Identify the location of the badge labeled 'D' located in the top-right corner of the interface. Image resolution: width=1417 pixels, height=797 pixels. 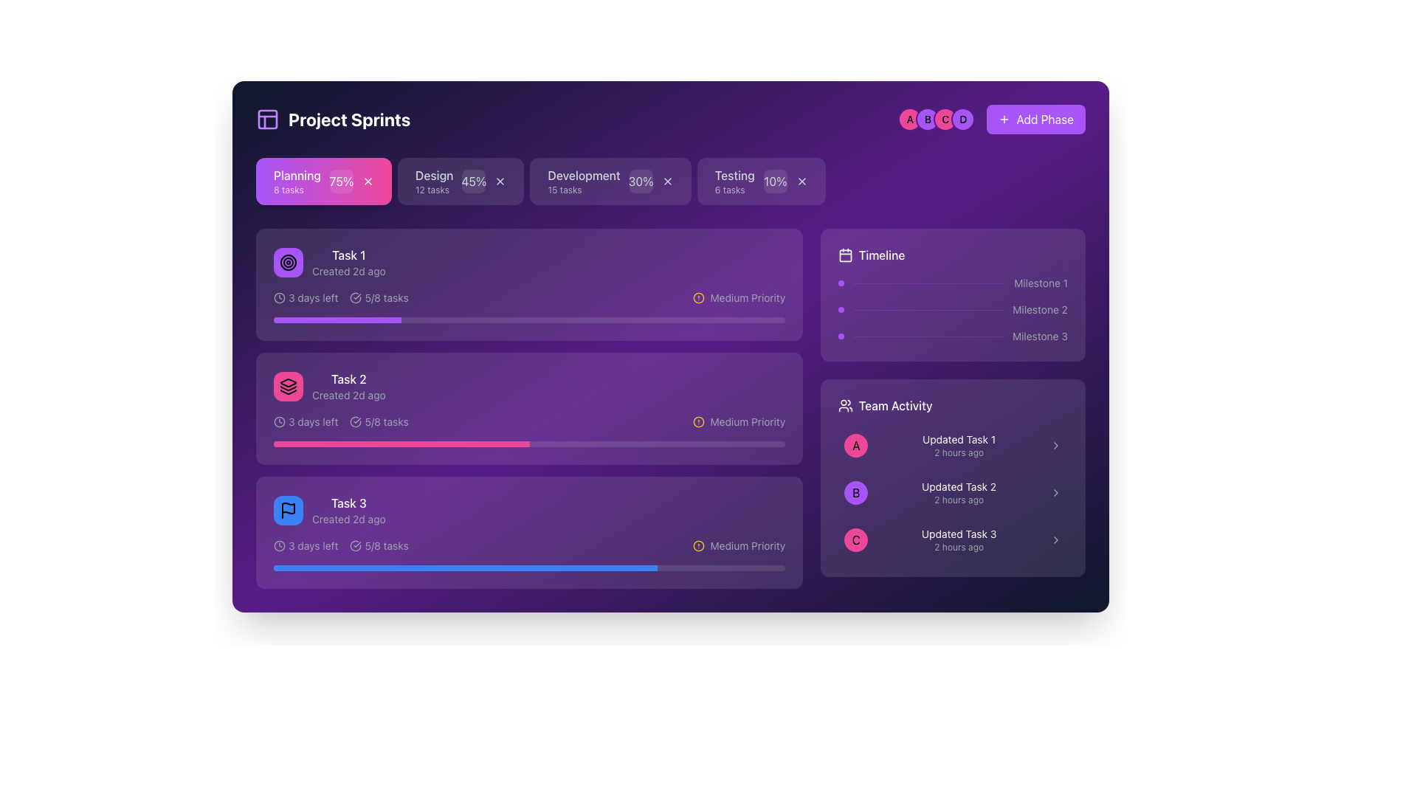
(963, 119).